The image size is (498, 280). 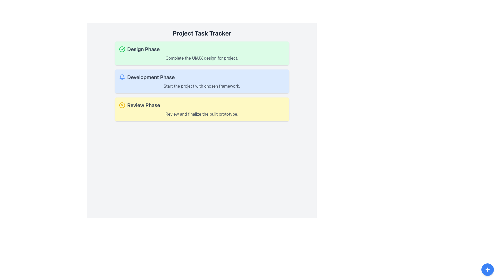 I want to click on the text element that provides additional details or instructions about the 'Development Phase' in the project task tracker, located below 'Design Phase' and above 'Review Phase', so click(x=202, y=86).